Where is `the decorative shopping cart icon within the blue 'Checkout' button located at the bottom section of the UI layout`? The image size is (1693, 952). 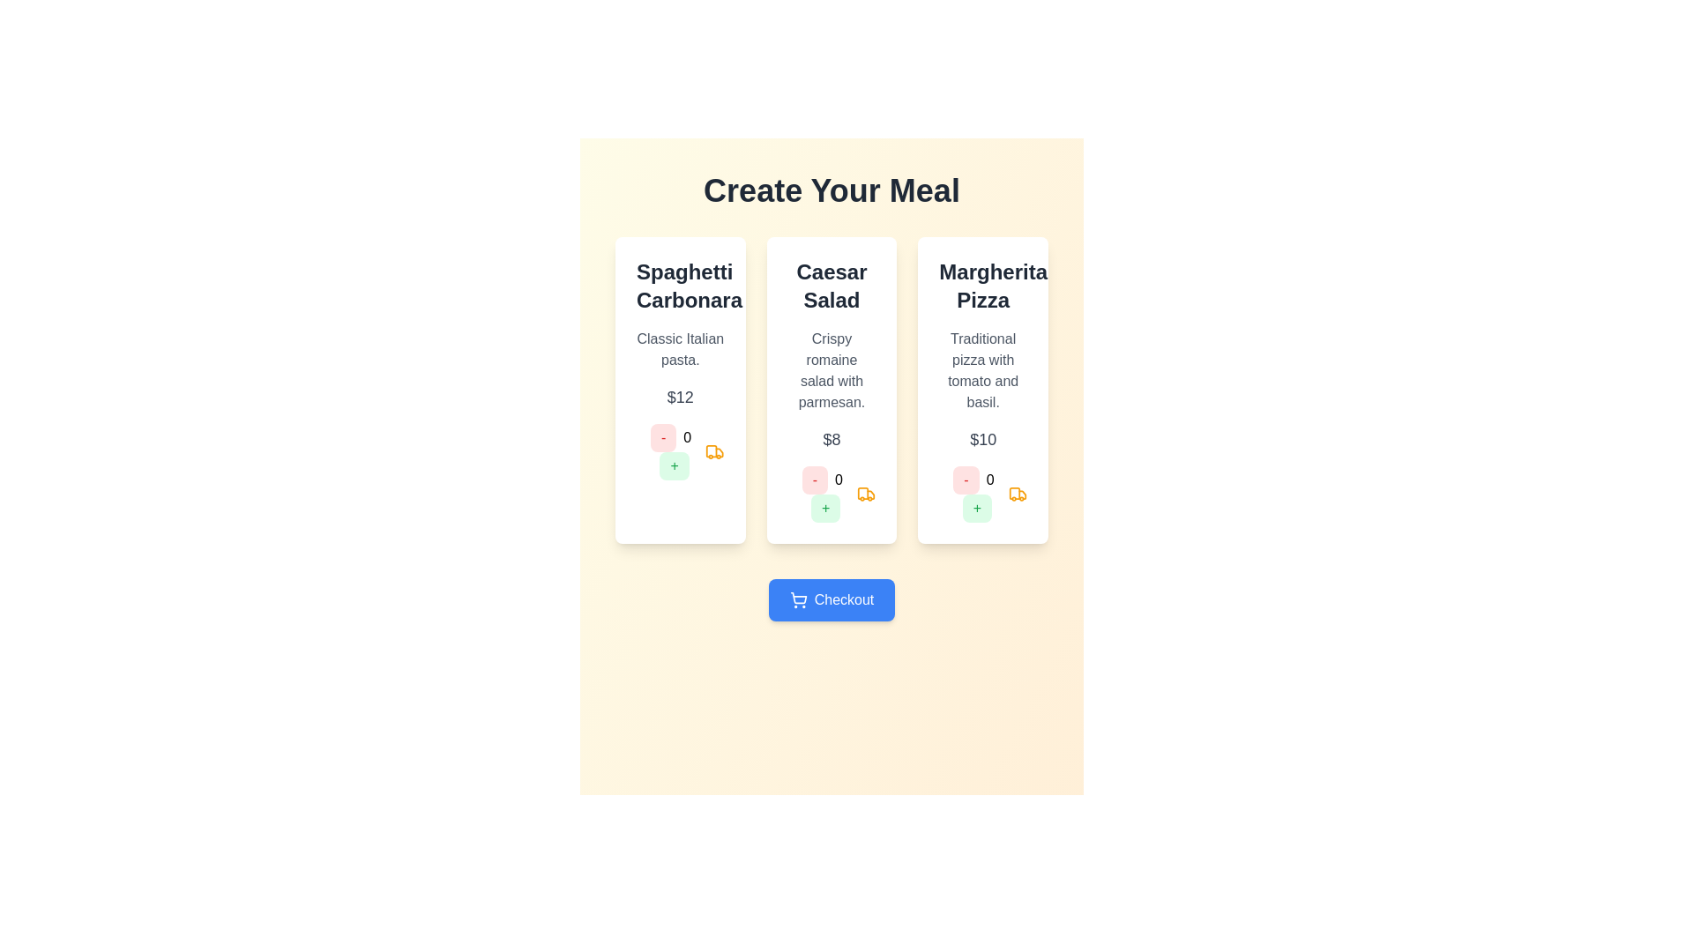 the decorative shopping cart icon within the blue 'Checkout' button located at the bottom section of the UI layout is located at coordinates (797, 597).